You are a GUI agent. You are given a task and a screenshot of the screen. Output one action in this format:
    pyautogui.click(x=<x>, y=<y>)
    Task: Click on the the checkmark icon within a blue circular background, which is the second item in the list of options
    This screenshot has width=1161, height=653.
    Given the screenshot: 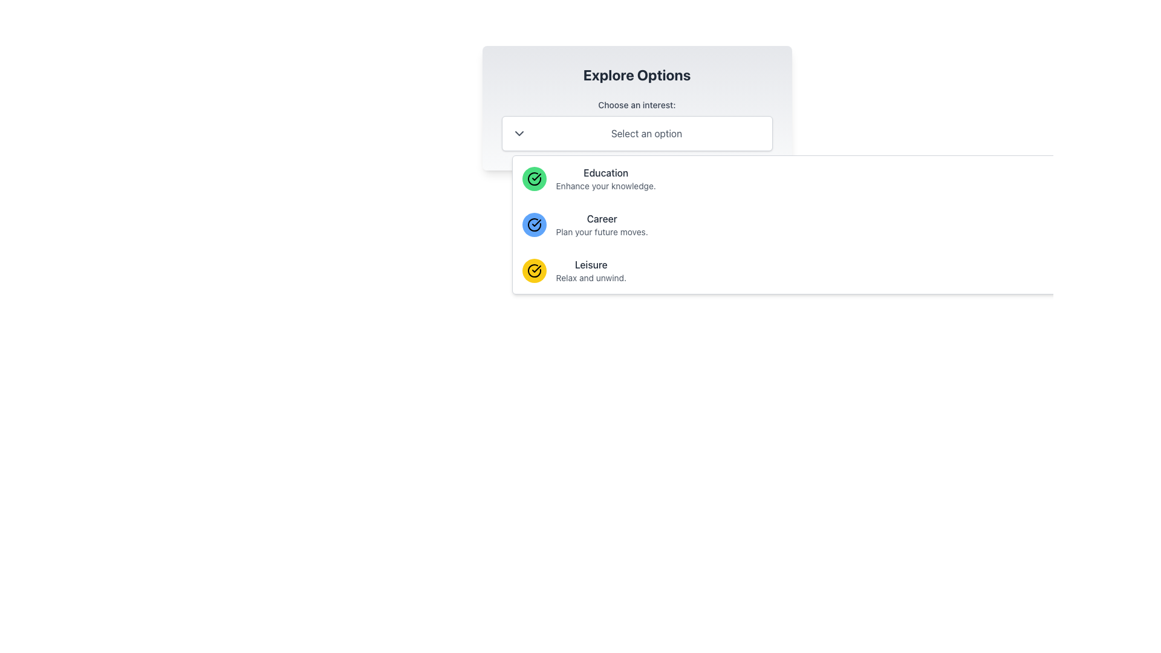 What is the action you would take?
    pyautogui.click(x=536, y=223)
    